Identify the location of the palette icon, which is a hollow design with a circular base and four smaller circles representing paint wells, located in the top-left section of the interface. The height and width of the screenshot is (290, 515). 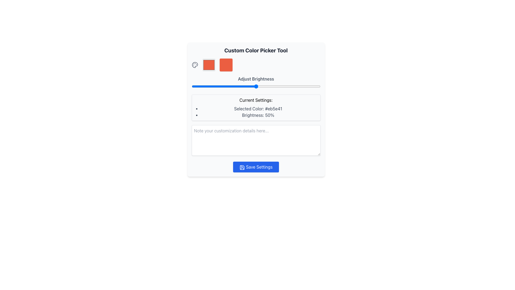
(194, 65).